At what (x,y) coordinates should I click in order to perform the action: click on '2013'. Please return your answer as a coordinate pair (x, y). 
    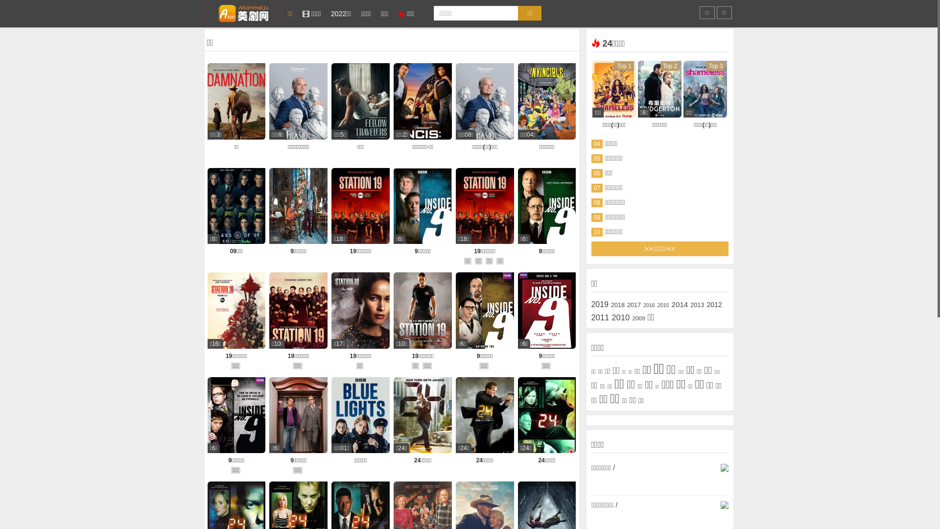
    Looking at the image, I should click on (697, 305).